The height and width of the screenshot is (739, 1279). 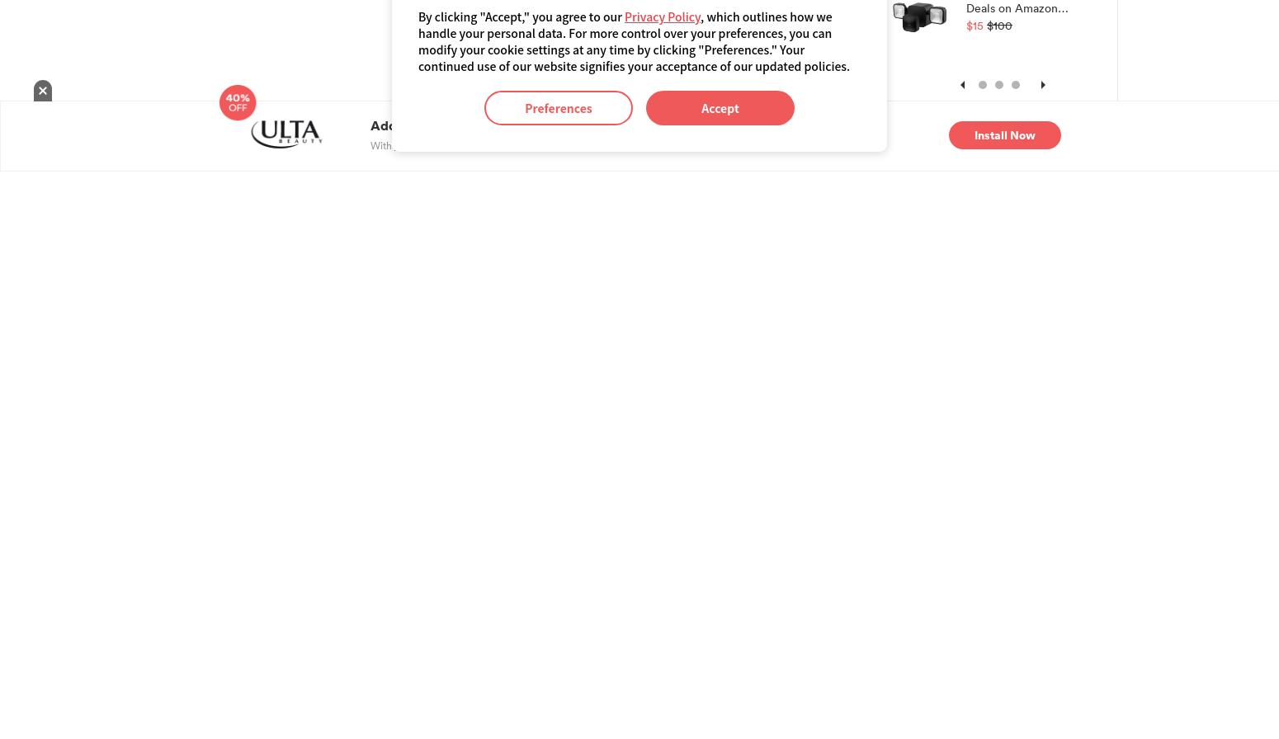 I want to click on 'Install Now', so click(x=1004, y=134).